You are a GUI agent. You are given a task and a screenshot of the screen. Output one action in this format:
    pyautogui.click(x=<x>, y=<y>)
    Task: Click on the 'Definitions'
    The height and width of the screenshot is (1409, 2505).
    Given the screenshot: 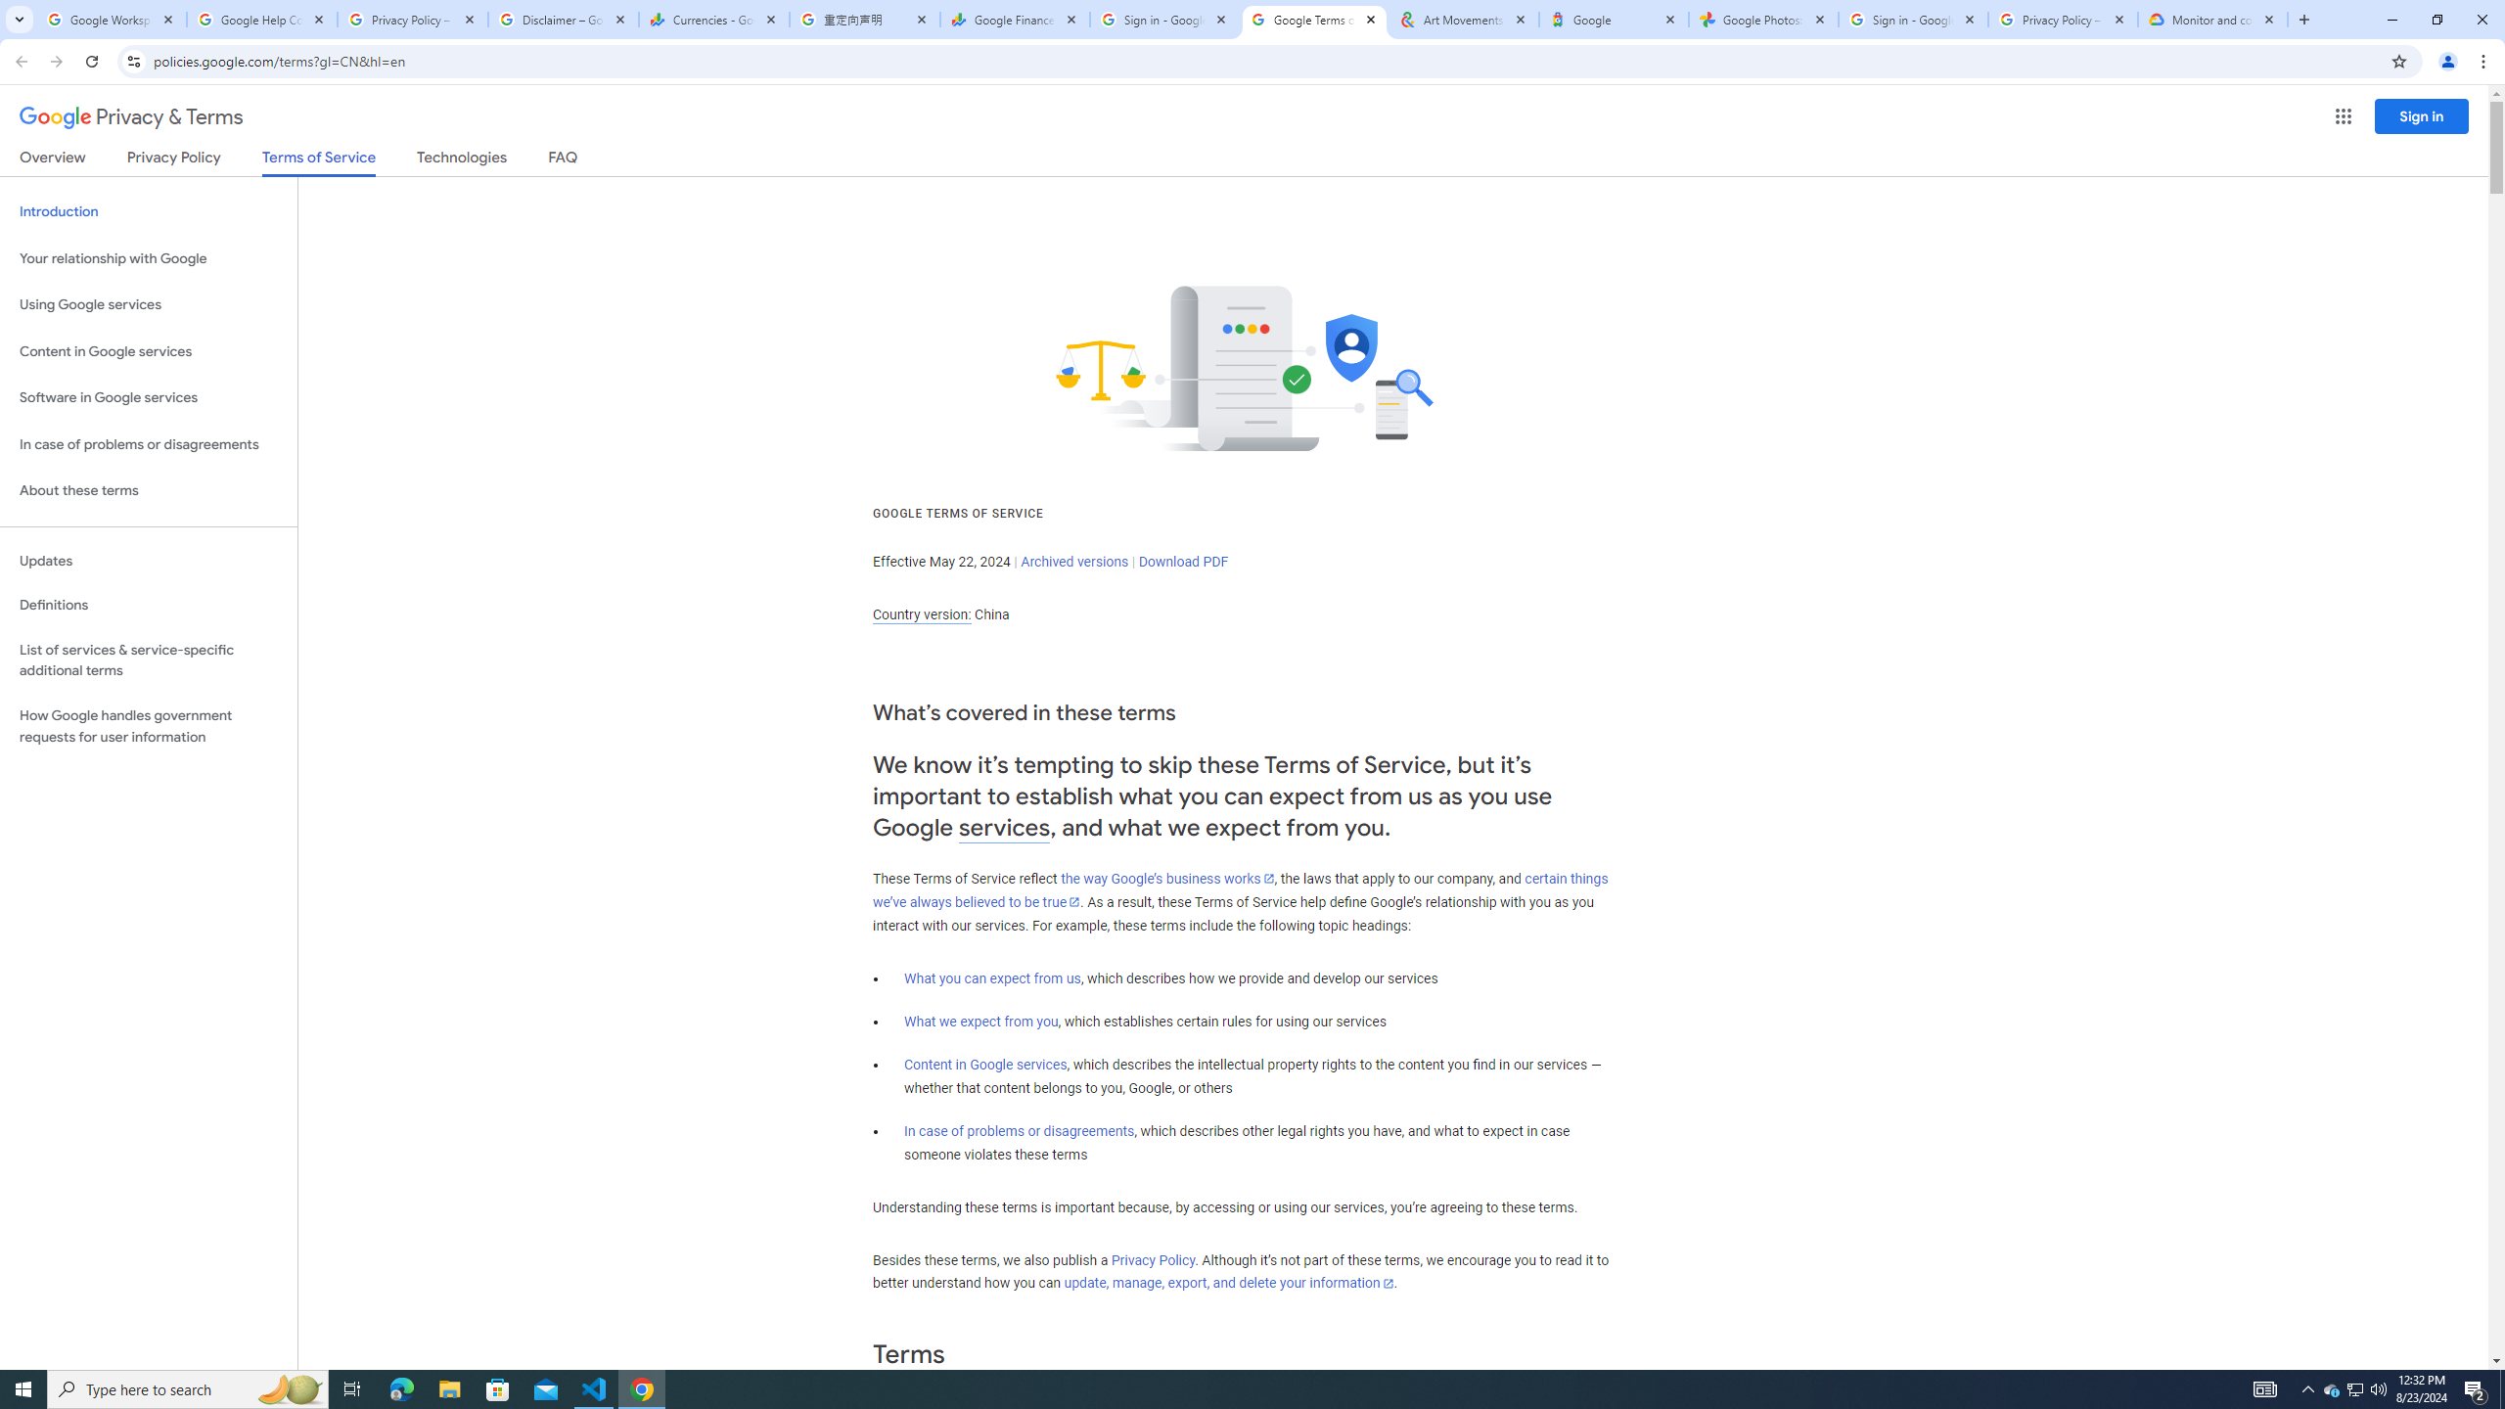 What is the action you would take?
    pyautogui.click(x=148, y=605)
    